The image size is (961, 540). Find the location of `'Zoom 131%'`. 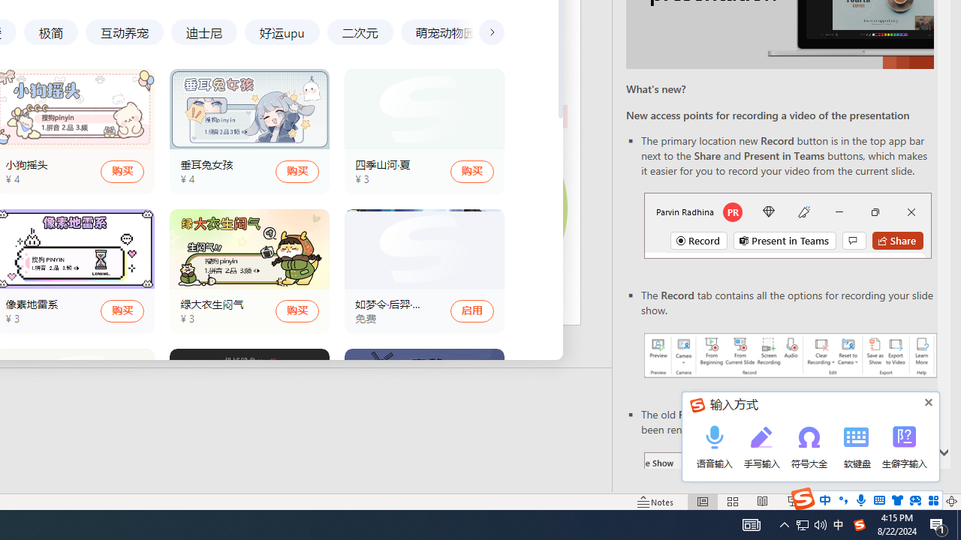

'Zoom 131%' is located at coordinates (926, 502).